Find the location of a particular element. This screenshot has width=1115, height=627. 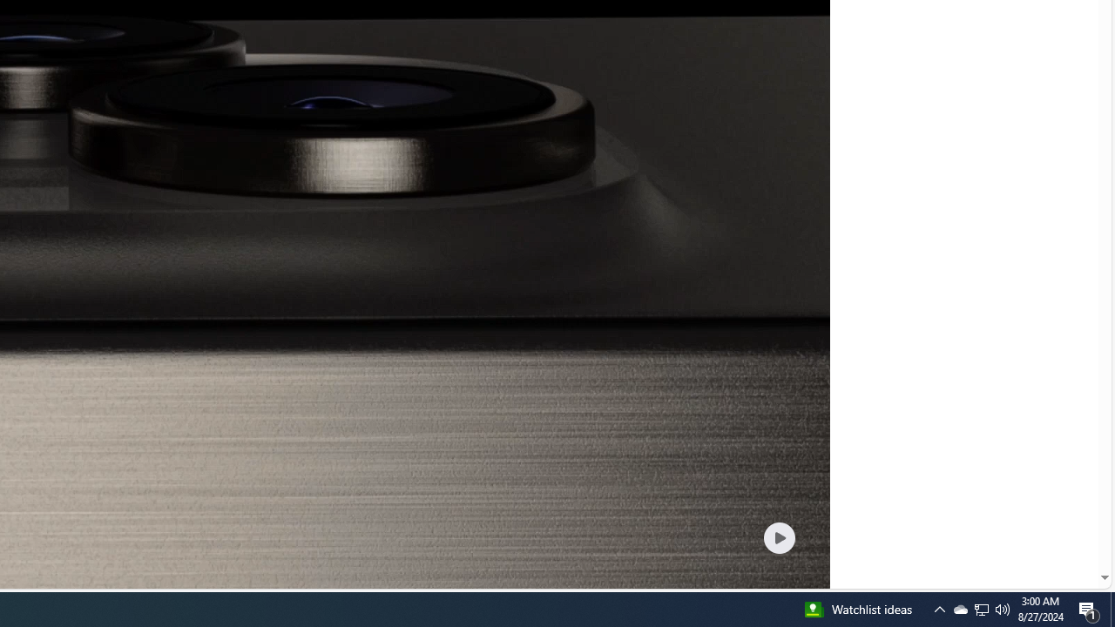

'Play welcome animation video' is located at coordinates (778, 536).